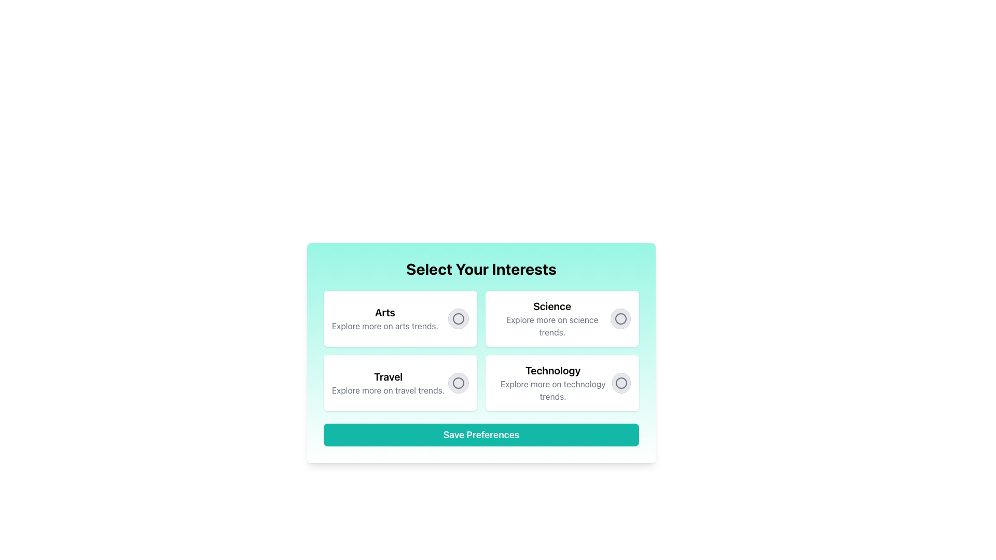 This screenshot has height=560, width=996. What do you see at coordinates (552, 370) in the screenshot?
I see `the bold and large text label 'Technology' located in the lower-right quadrant of the grid-like layout` at bounding box center [552, 370].